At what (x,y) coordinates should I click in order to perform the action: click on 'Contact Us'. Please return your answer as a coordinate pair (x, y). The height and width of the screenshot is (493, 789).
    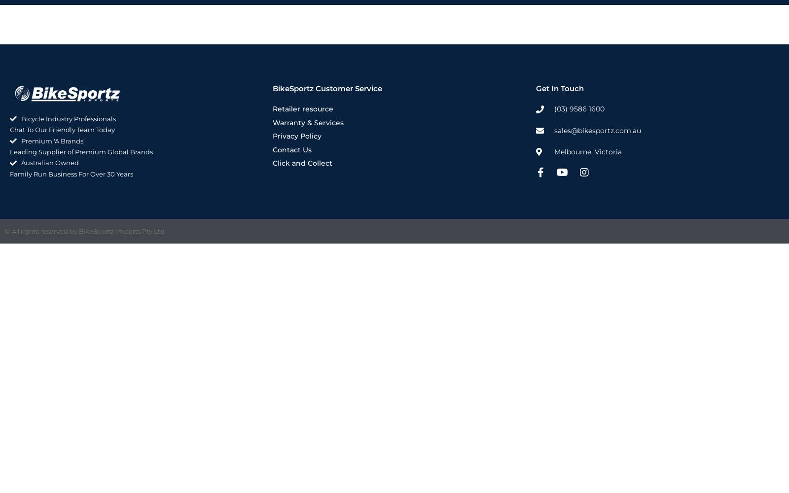
    Looking at the image, I should click on (291, 149).